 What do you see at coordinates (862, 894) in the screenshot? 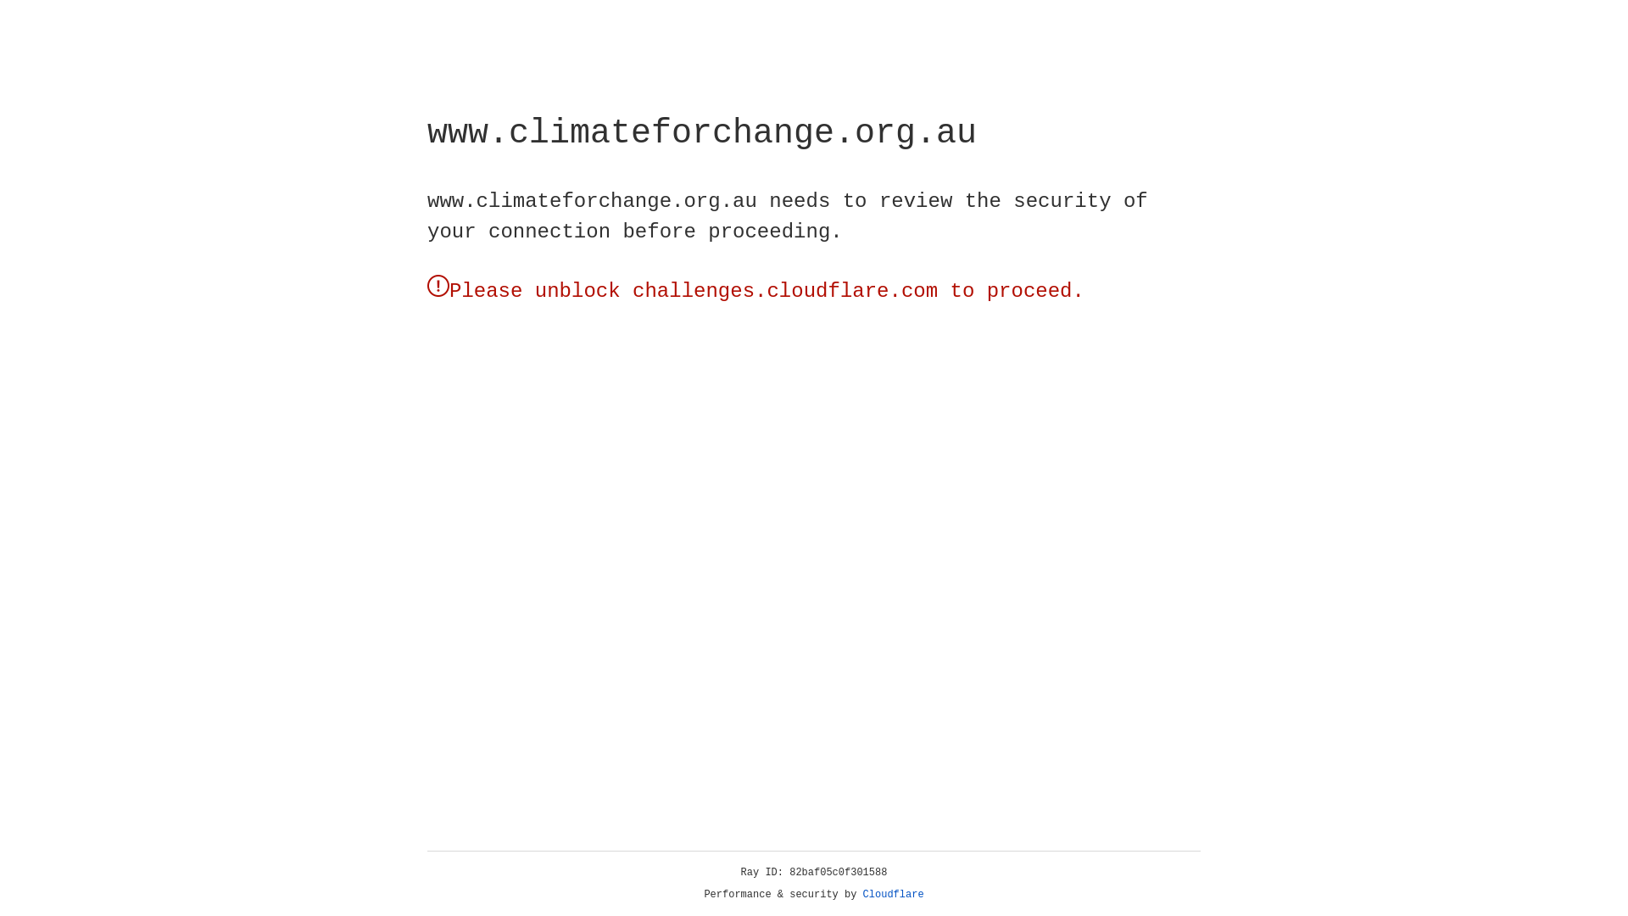
I see `'Cloudflare'` at bounding box center [862, 894].